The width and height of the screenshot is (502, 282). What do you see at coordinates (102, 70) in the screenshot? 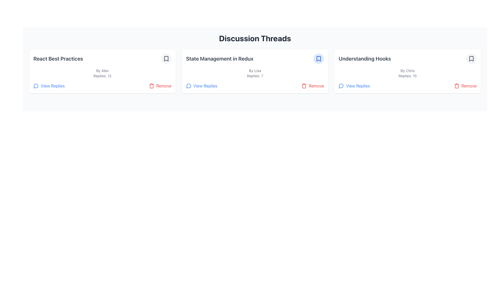
I see `the attribution label indicating the author of the discussion thread in the 'React Best Practices' card, which is centrally aligned below the header and above the 'Replies: 12' line` at bounding box center [102, 70].